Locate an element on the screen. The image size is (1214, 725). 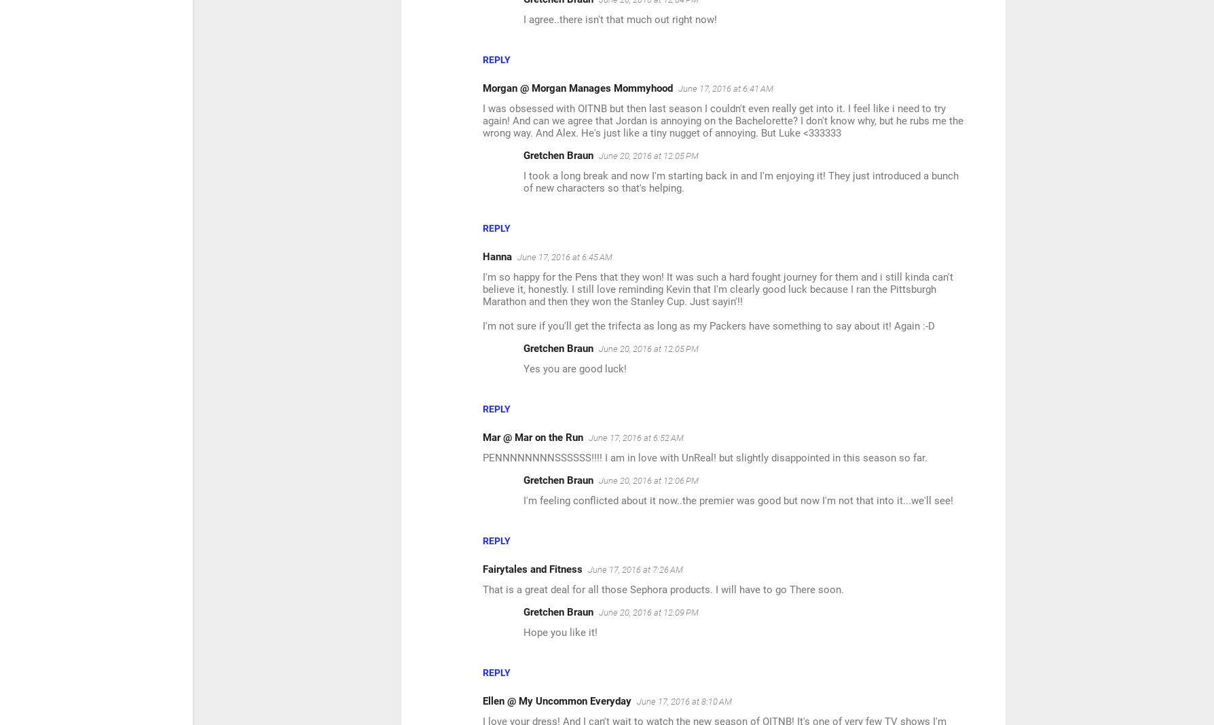
'Hope you like it!' is located at coordinates (559, 632).